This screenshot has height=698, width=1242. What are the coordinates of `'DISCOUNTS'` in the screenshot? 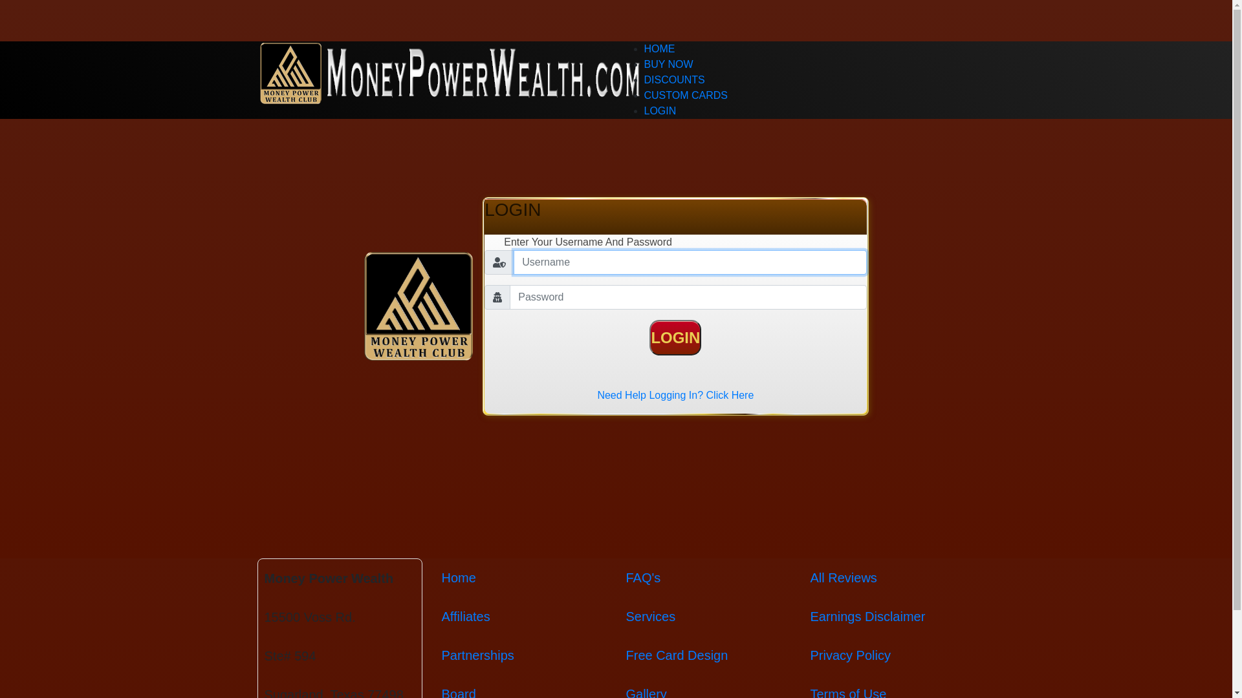 It's located at (673, 79).